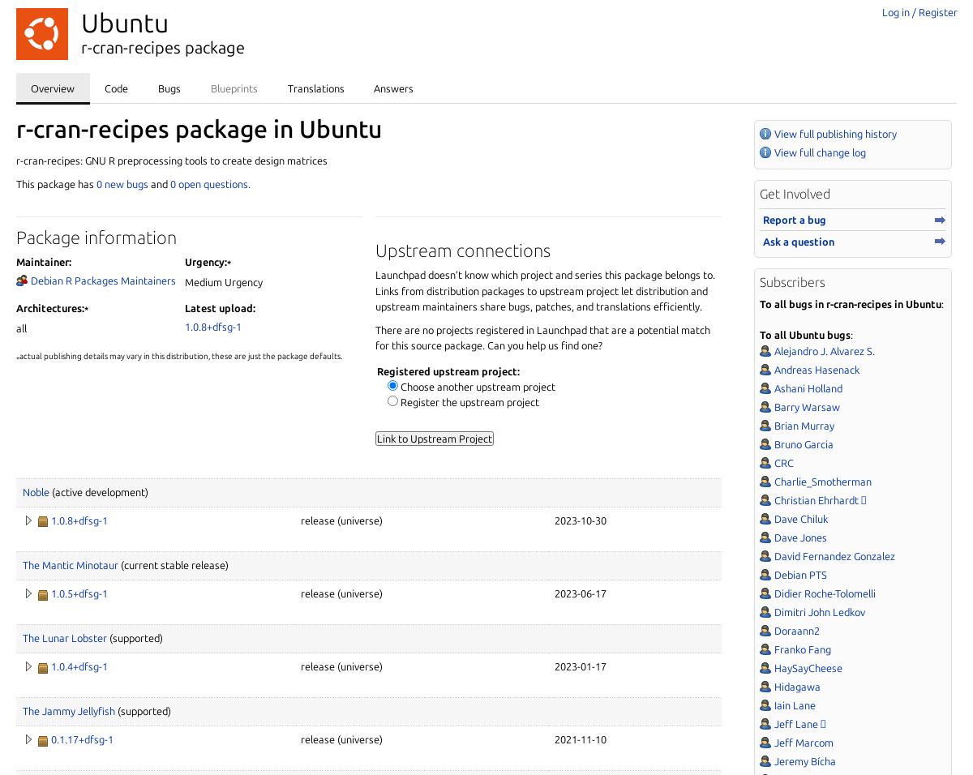 This screenshot has height=775, width=973. What do you see at coordinates (198, 128) in the screenshot?
I see `'r-cran-recipes package in Ubuntu'` at bounding box center [198, 128].